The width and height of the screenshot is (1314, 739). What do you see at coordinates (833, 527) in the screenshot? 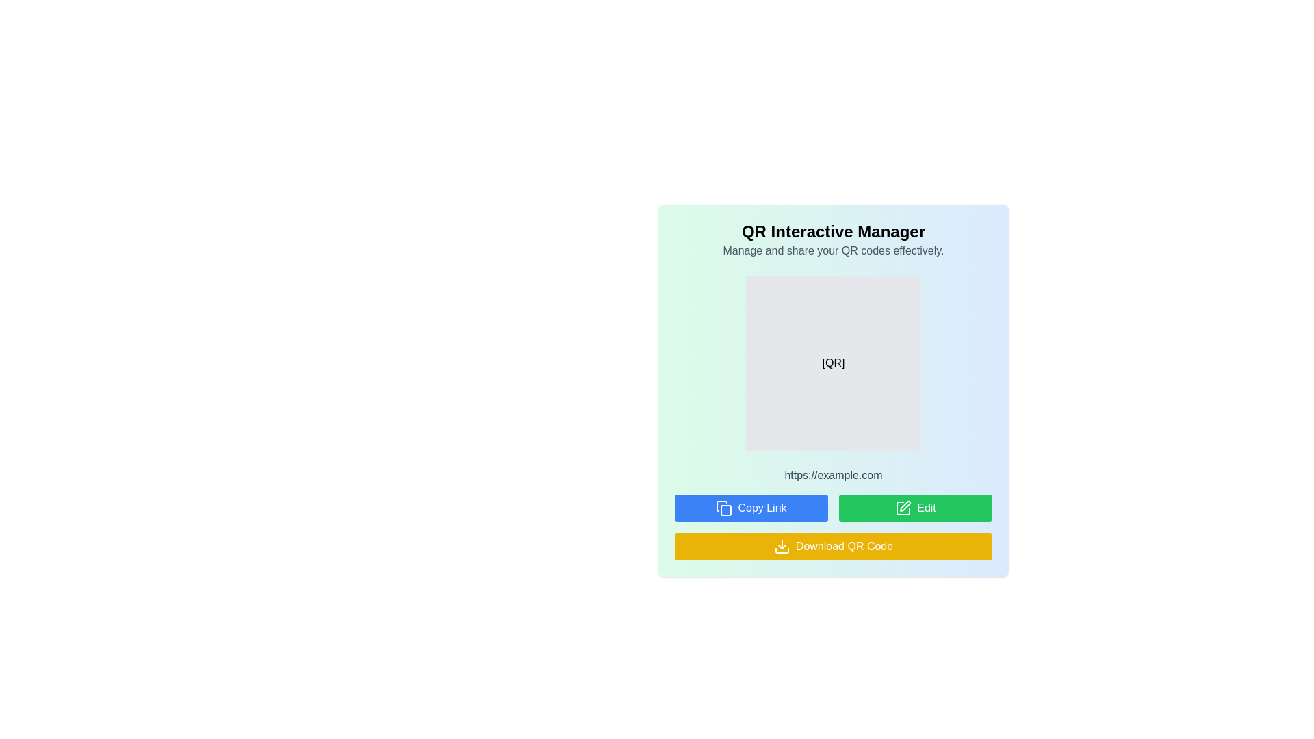
I see `the yellow button labeled 'Download QR Code' located below the 'Edit' and 'Copy Link' buttons in the 'QR Interactive Manager' section to initiate a download` at bounding box center [833, 527].